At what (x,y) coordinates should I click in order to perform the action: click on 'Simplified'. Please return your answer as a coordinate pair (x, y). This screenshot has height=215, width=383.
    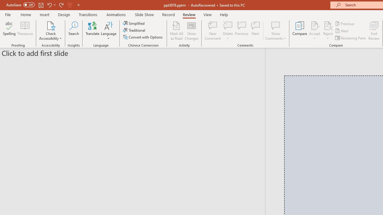
    Looking at the image, I should click on (134, 23).